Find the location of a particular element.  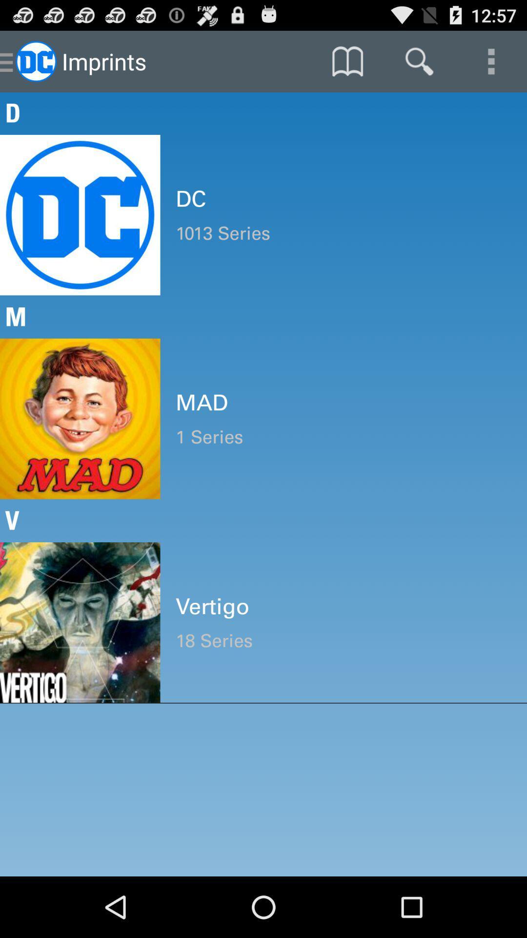

item below dc is located at coordinates (343, 233).